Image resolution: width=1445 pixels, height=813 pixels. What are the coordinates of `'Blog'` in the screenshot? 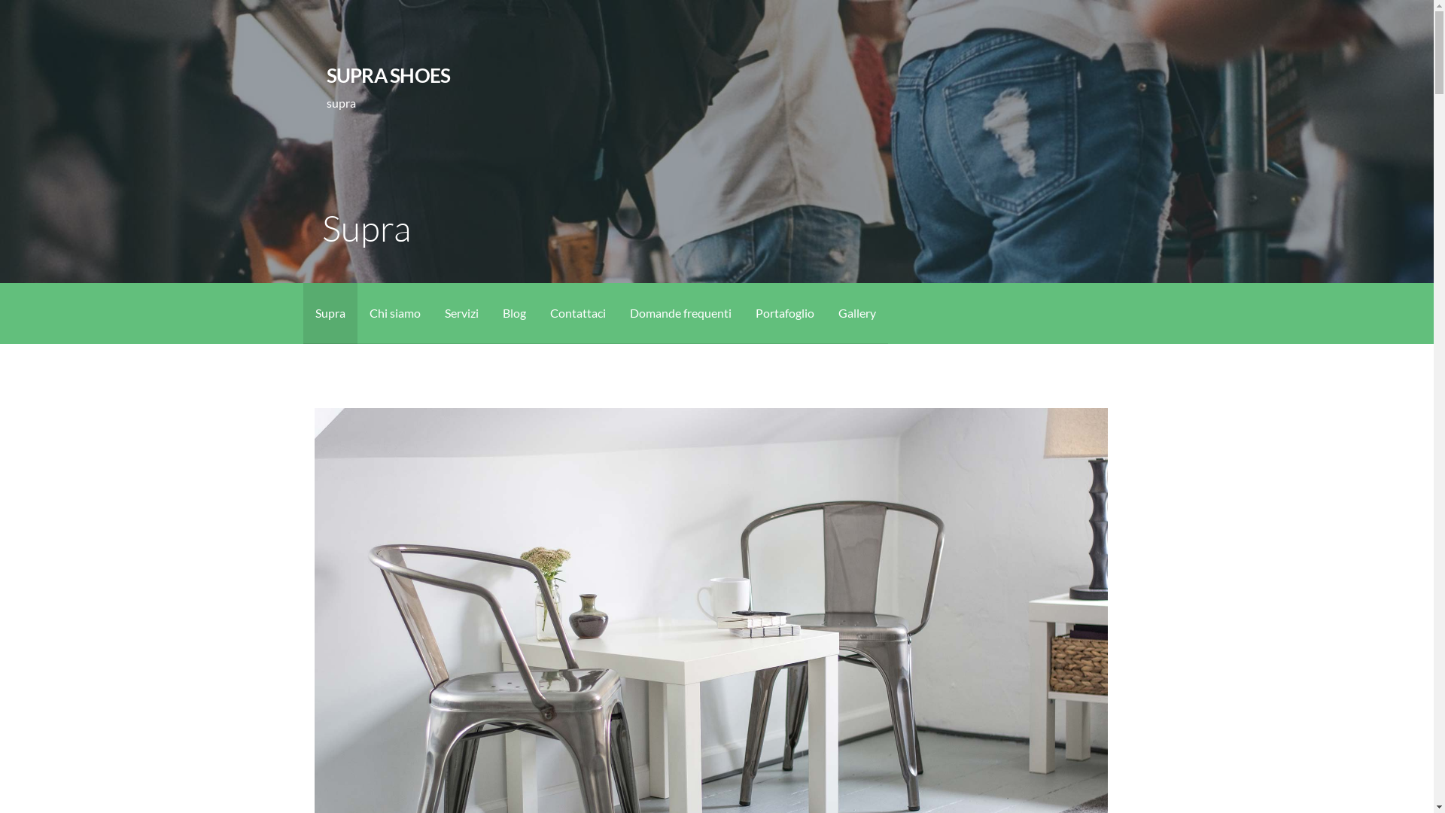 It's located at (514, 312).